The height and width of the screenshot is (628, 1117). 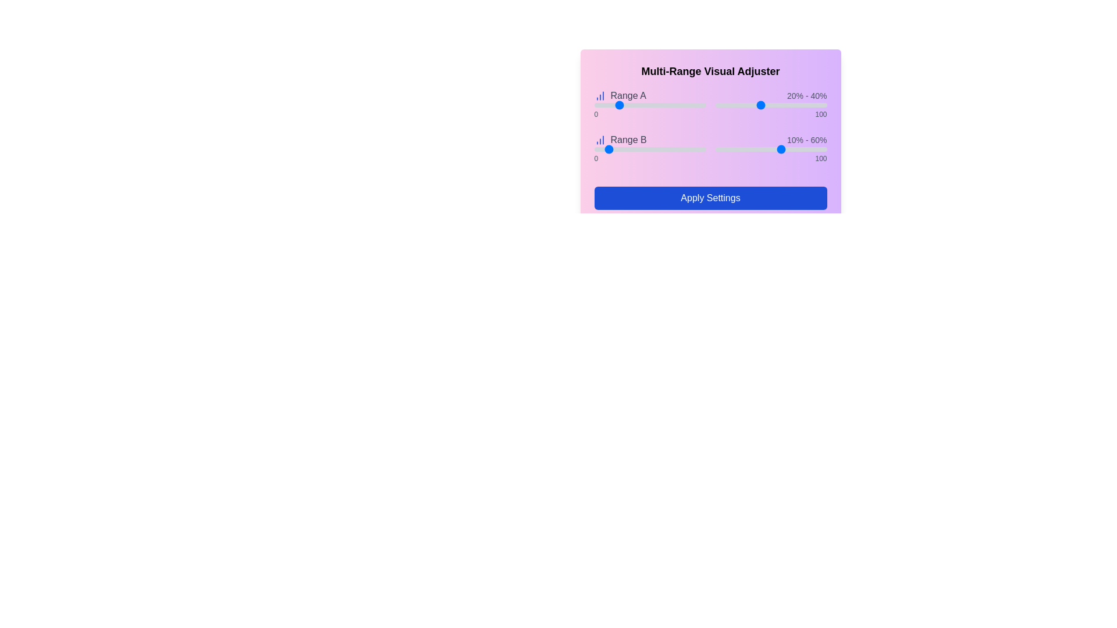 What do you see at coordinates (710, 114) in the screenshot?
I see `the values visually of the Text Label that marks the minimum ('0')` at bounding box center [710, 114].